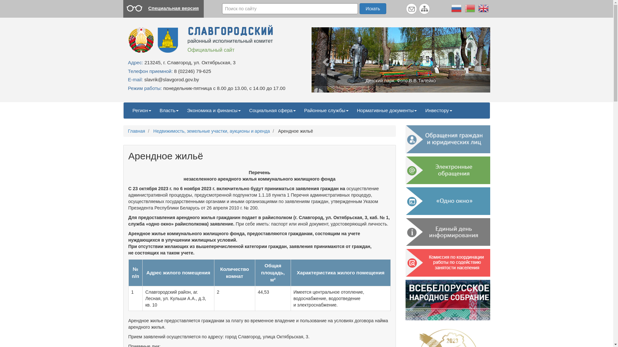 The width and height of the screenshot is (618, 347). I want to click on 'English', so click(483, 8).